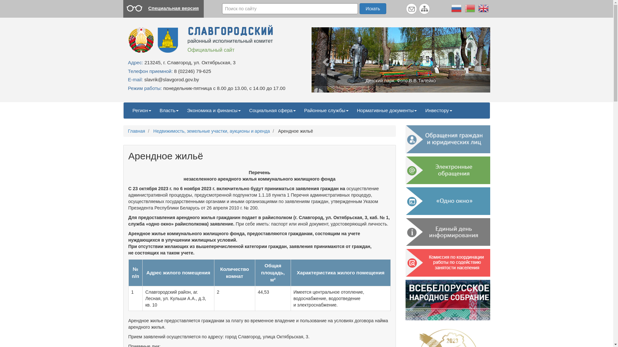 The width and height of the screenshot is (618, 347). I want to click on 'English', so click(483, 8).